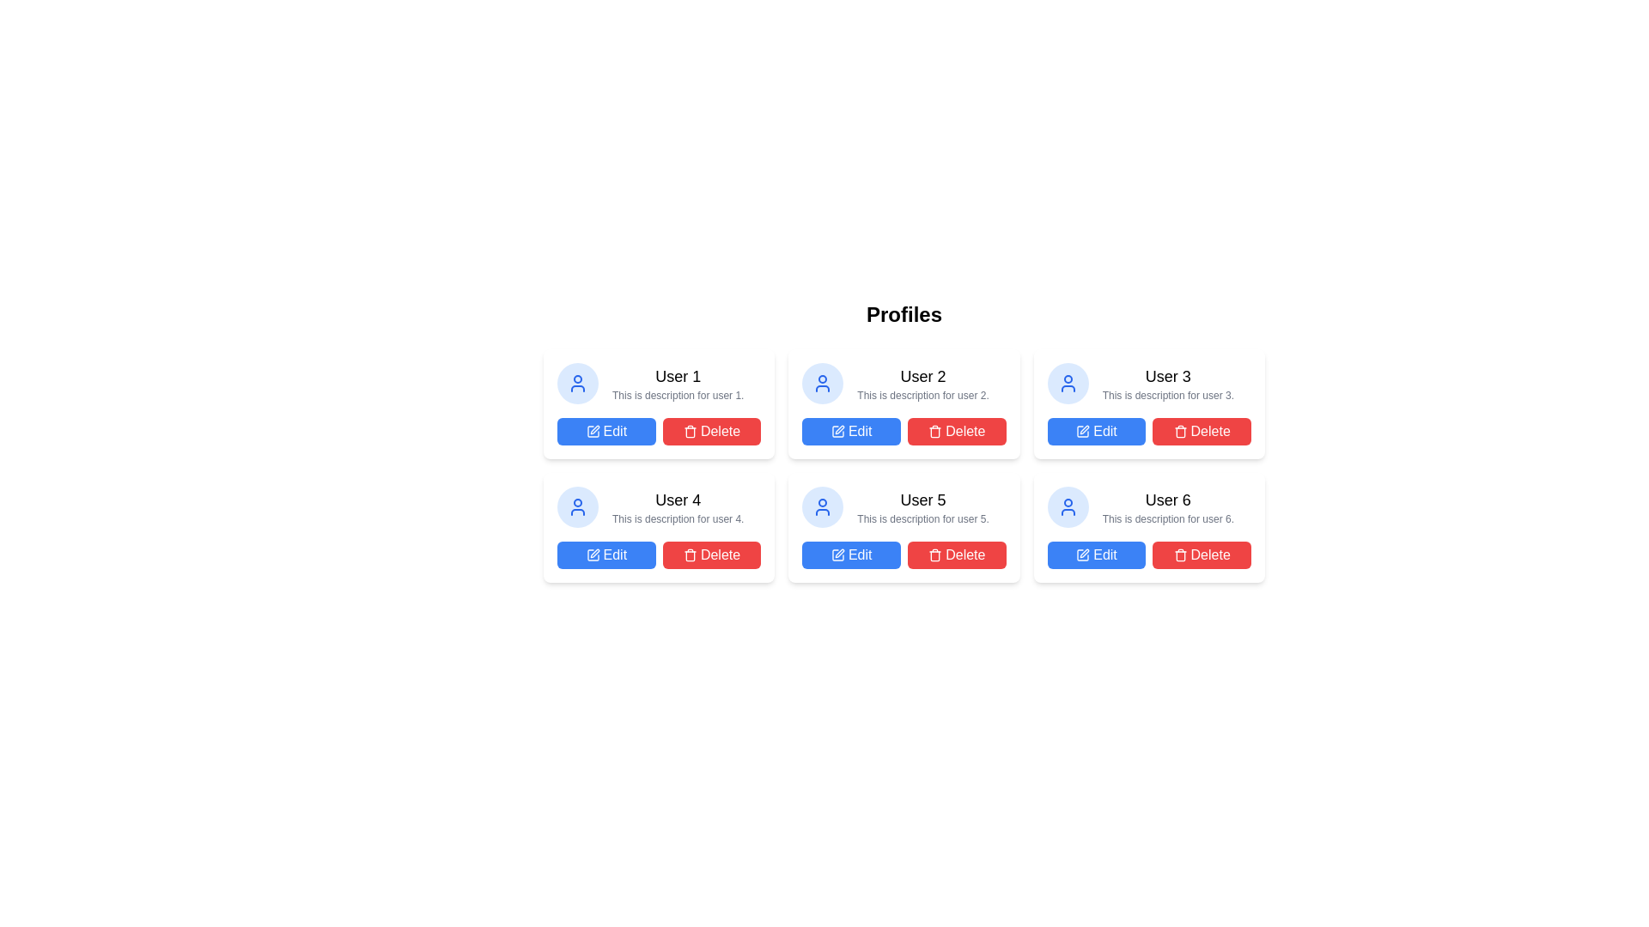  Describe the element at coordinates (577, 383) in the screenshot. I see `the user's profile icon, which is a simplistic blue outline of a person within a circular border, located second from the left in the first row of user cards` at that location.